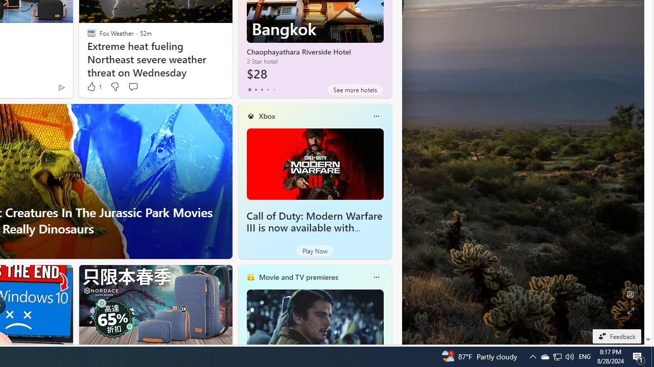 This screenshot has height=367, width=654. I want to click on 'tab-3', so click(268, 89).